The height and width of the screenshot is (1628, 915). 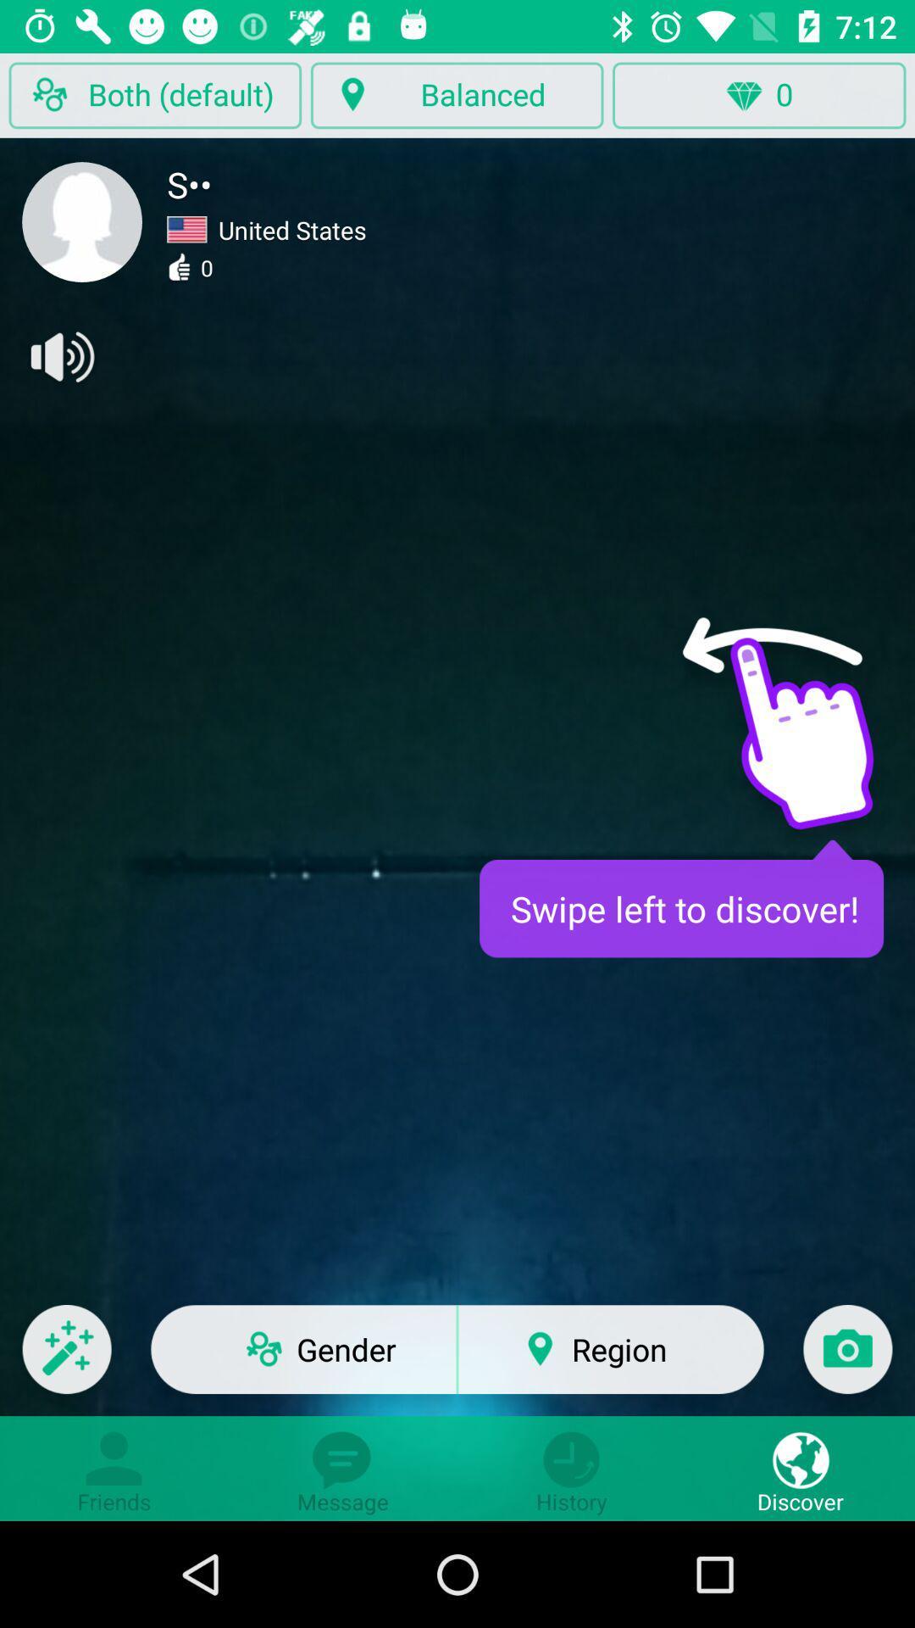 I want to click on take a picture, so click(x=847, y=1360).